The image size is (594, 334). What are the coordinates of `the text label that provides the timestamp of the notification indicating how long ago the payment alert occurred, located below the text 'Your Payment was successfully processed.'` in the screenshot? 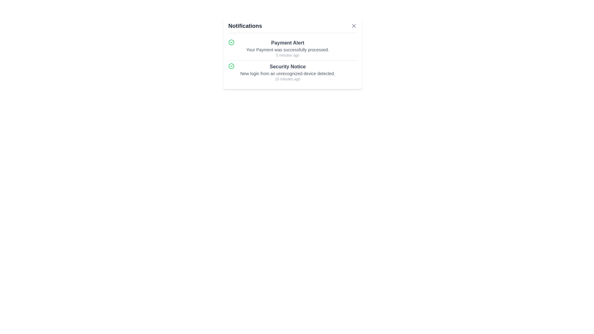 It's located at (287, 55).